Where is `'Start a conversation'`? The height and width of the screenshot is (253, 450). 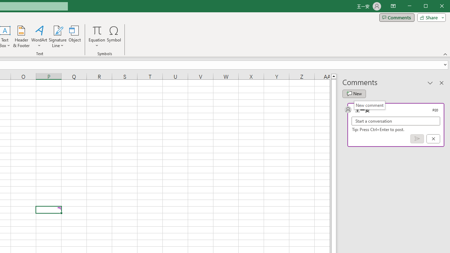
'Start a conversation' is located at coordinates (396, 121).